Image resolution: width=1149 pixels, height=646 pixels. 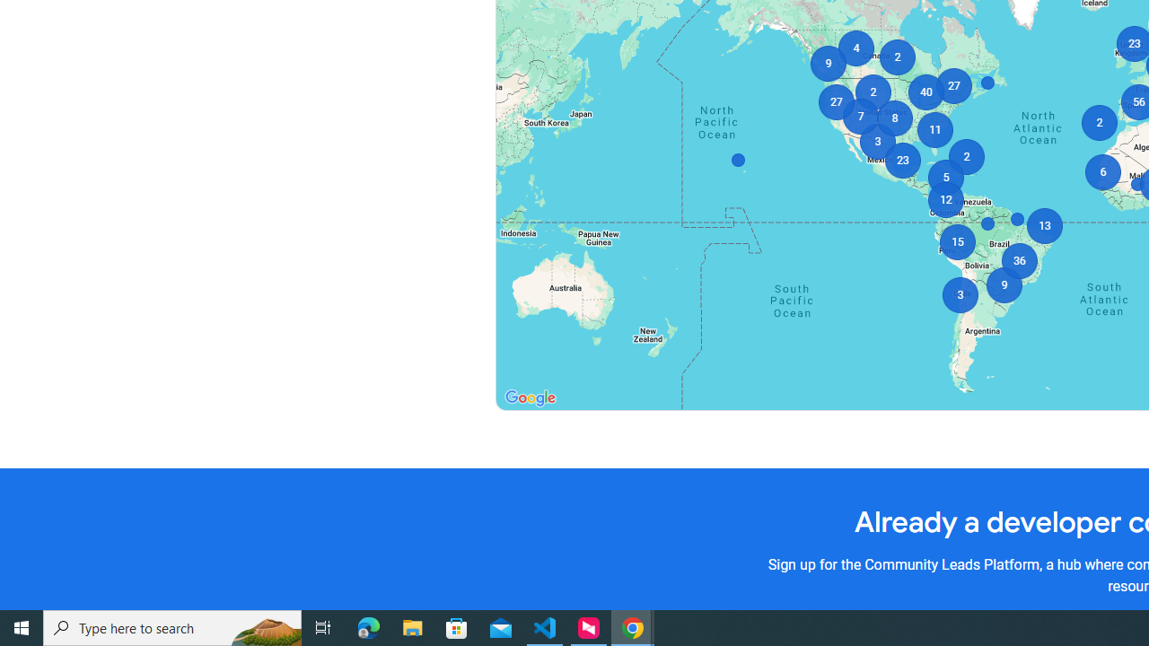 What do you see at coordinates (855, 48) in the screenshot?
I see `'4'` at bounding box center [855, 48].